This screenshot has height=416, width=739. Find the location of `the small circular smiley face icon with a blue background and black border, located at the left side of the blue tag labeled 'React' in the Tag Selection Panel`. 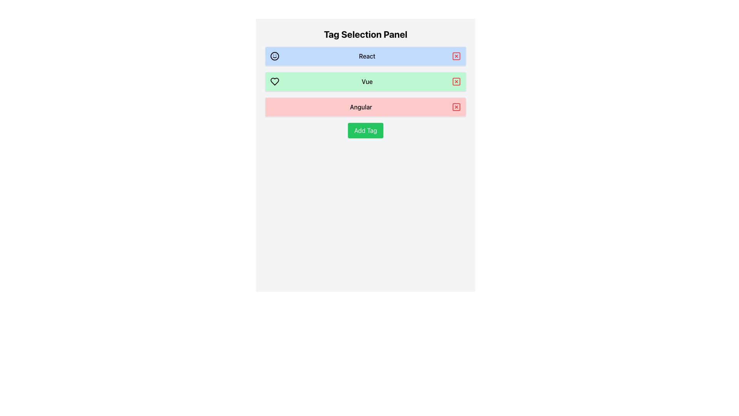

the small circular smiley face icon with a blue background and black border, located at the left side of the blue tag labeled 'React' in the Tag Selection Panel is located at coordinates (275, 56).